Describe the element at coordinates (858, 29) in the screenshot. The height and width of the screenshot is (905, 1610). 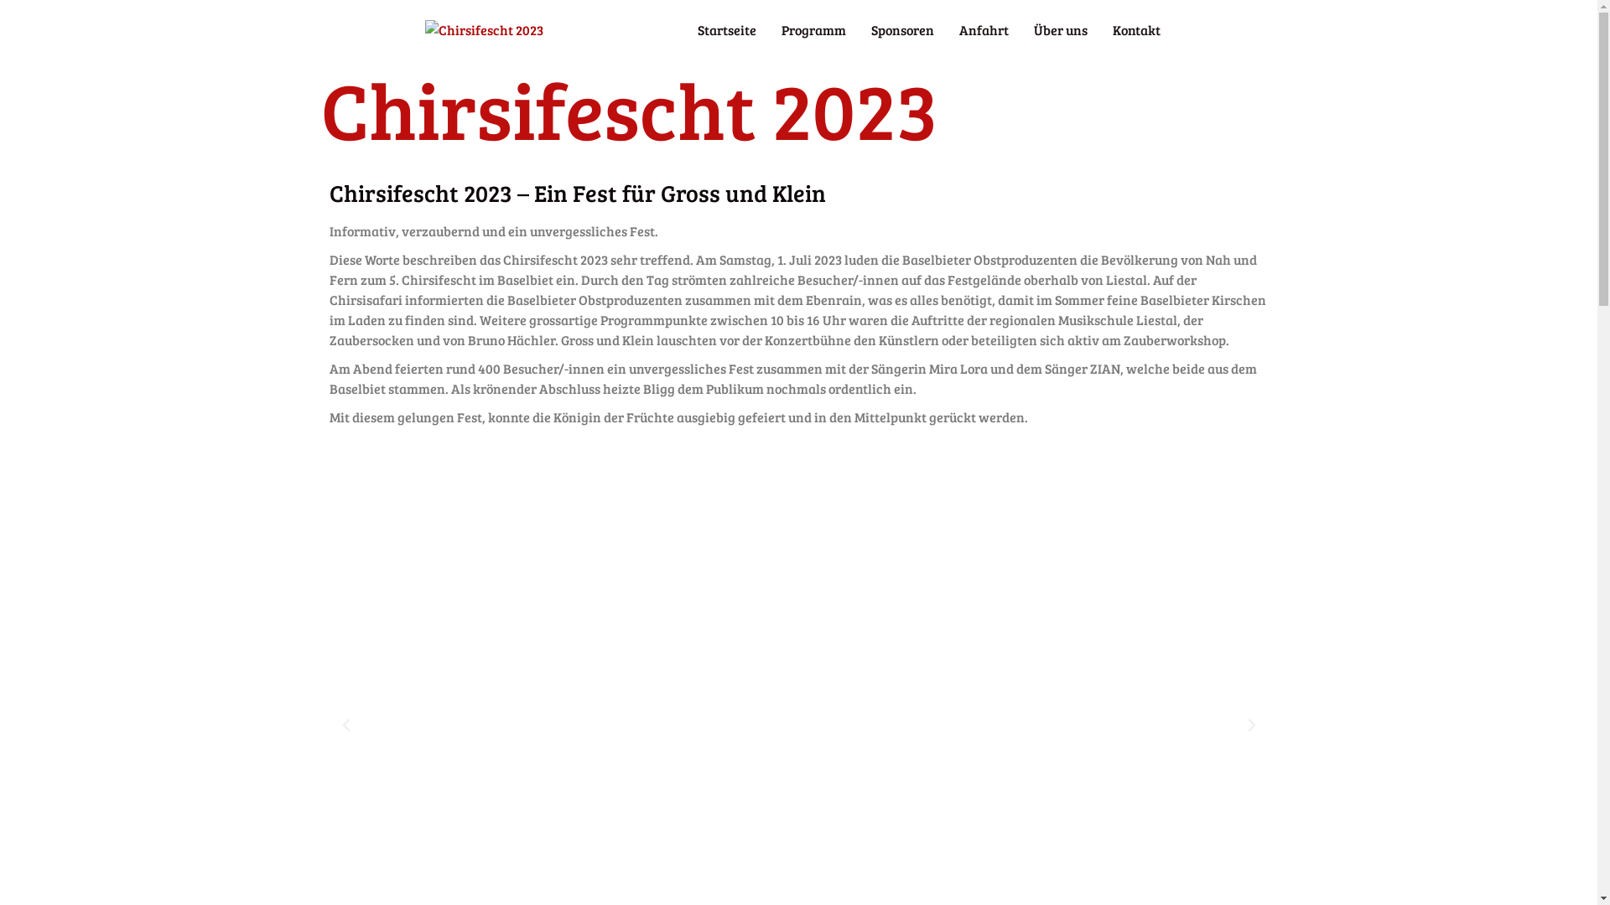
I see `'Sponsoren'` at that location.